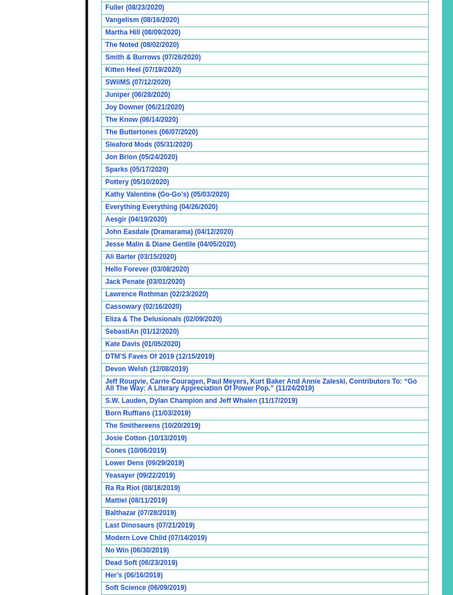  I want to click on 'Mattiel (08/11/2019)', so click(135, 500).